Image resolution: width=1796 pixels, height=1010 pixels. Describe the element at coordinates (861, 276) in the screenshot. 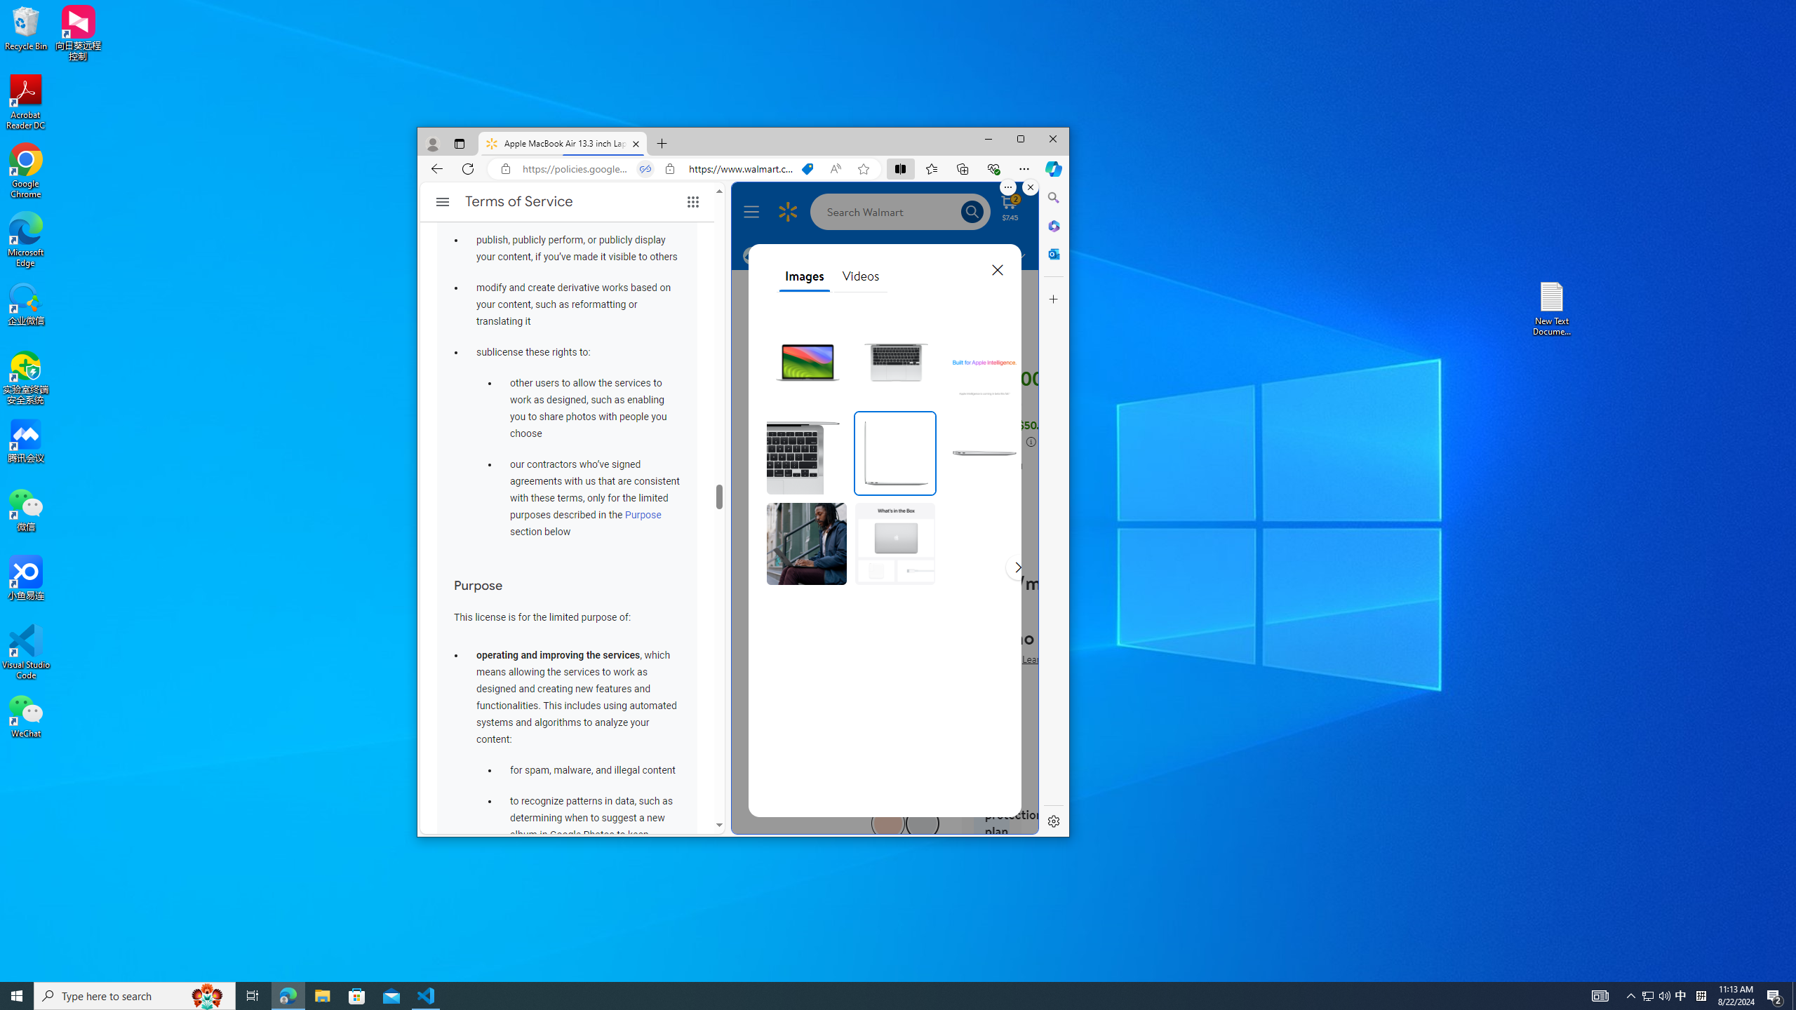

I see `'Videos'` at that location.